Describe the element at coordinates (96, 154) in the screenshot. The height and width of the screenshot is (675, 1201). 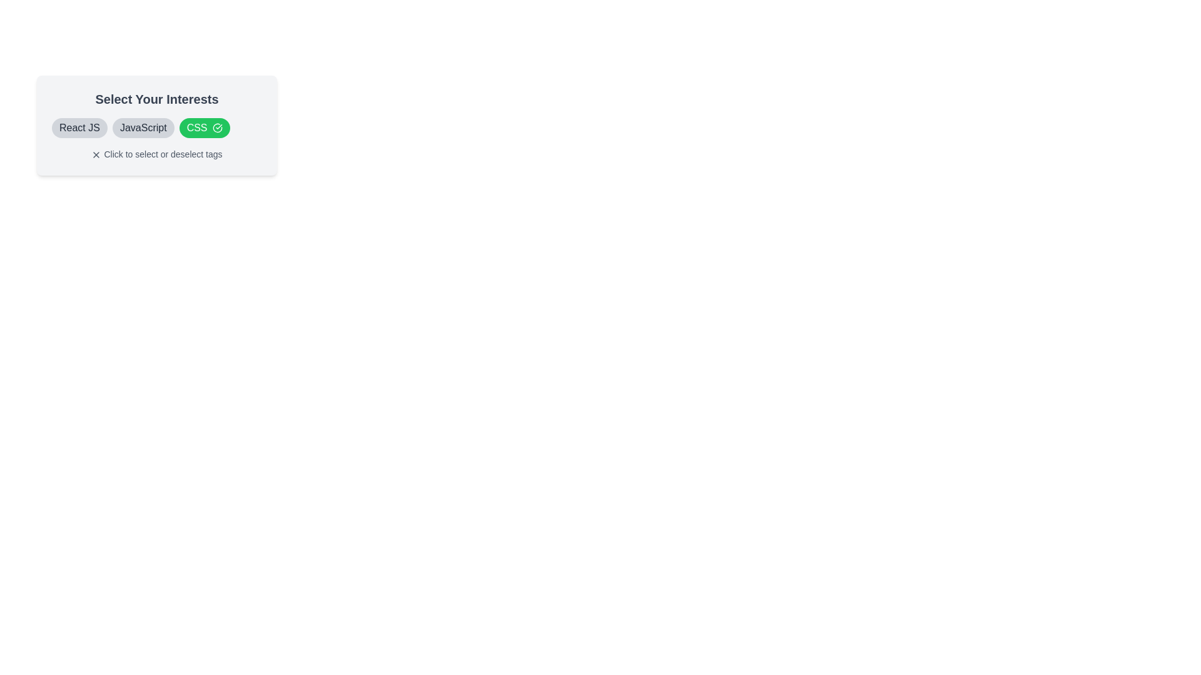
I see `the Close icon located to the left of the text 'Click` at that location.